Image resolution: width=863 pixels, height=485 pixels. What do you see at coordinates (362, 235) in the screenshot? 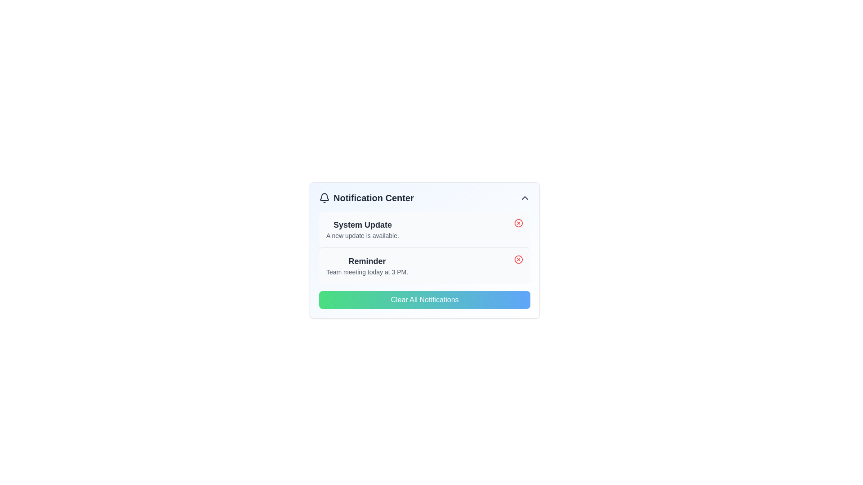
I see `the text label displaying the message 'A new update is available.' which is styled in smaller, lighter gray text and positioned below the bold 'System Update' title` at bounding box center [362, 235].